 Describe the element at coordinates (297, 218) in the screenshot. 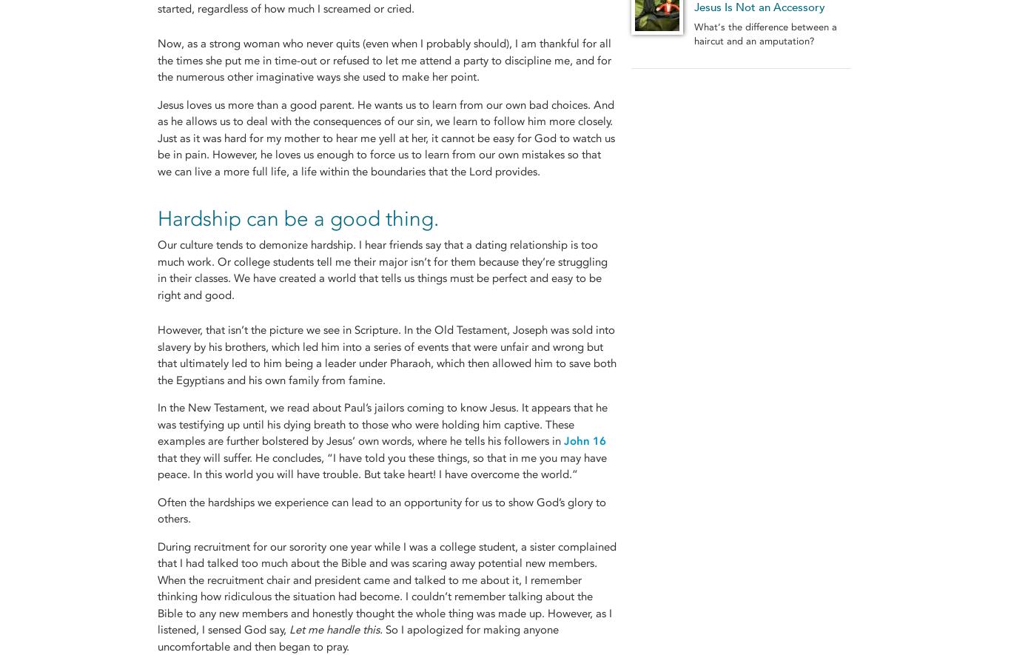

I see `'Hardship can be a good thing.'` at that location.